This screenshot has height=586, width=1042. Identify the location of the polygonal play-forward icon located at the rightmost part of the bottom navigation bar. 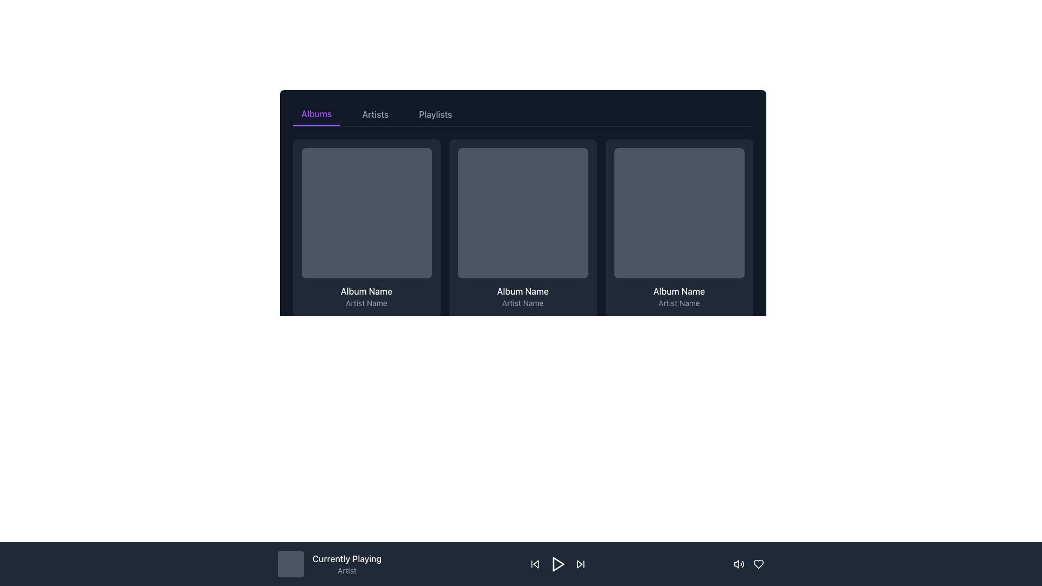
(579, 564).